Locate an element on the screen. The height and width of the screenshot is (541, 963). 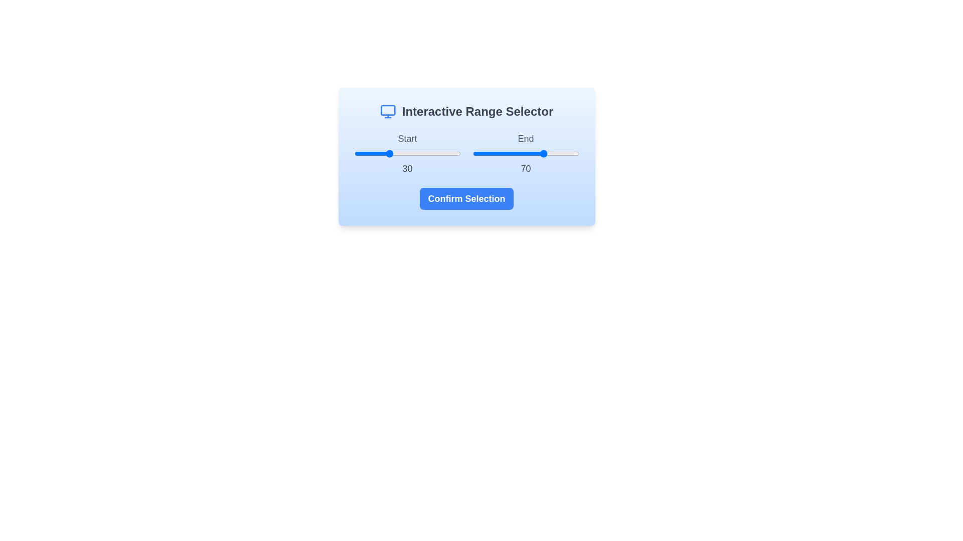
the end range value to 59 by interacting with the slider is located at coordinates (535, 154).